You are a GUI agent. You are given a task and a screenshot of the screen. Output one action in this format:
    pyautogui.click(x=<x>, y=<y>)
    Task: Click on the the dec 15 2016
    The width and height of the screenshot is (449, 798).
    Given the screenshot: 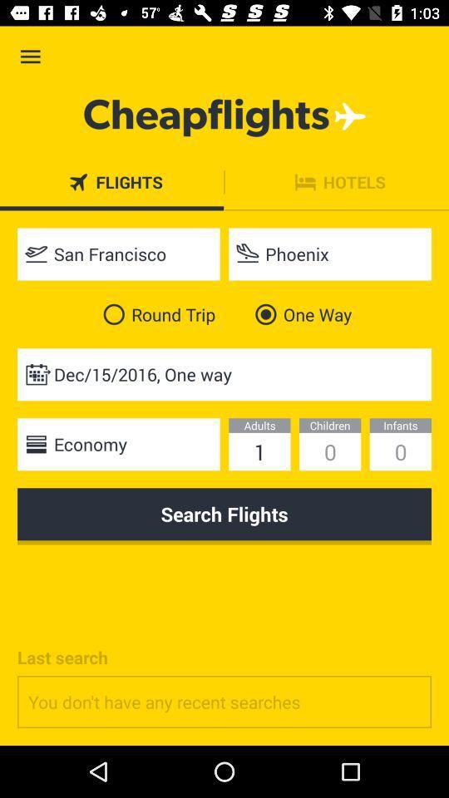 What is the action you would take?
    pyautogui.click(x=224, y=374)
    